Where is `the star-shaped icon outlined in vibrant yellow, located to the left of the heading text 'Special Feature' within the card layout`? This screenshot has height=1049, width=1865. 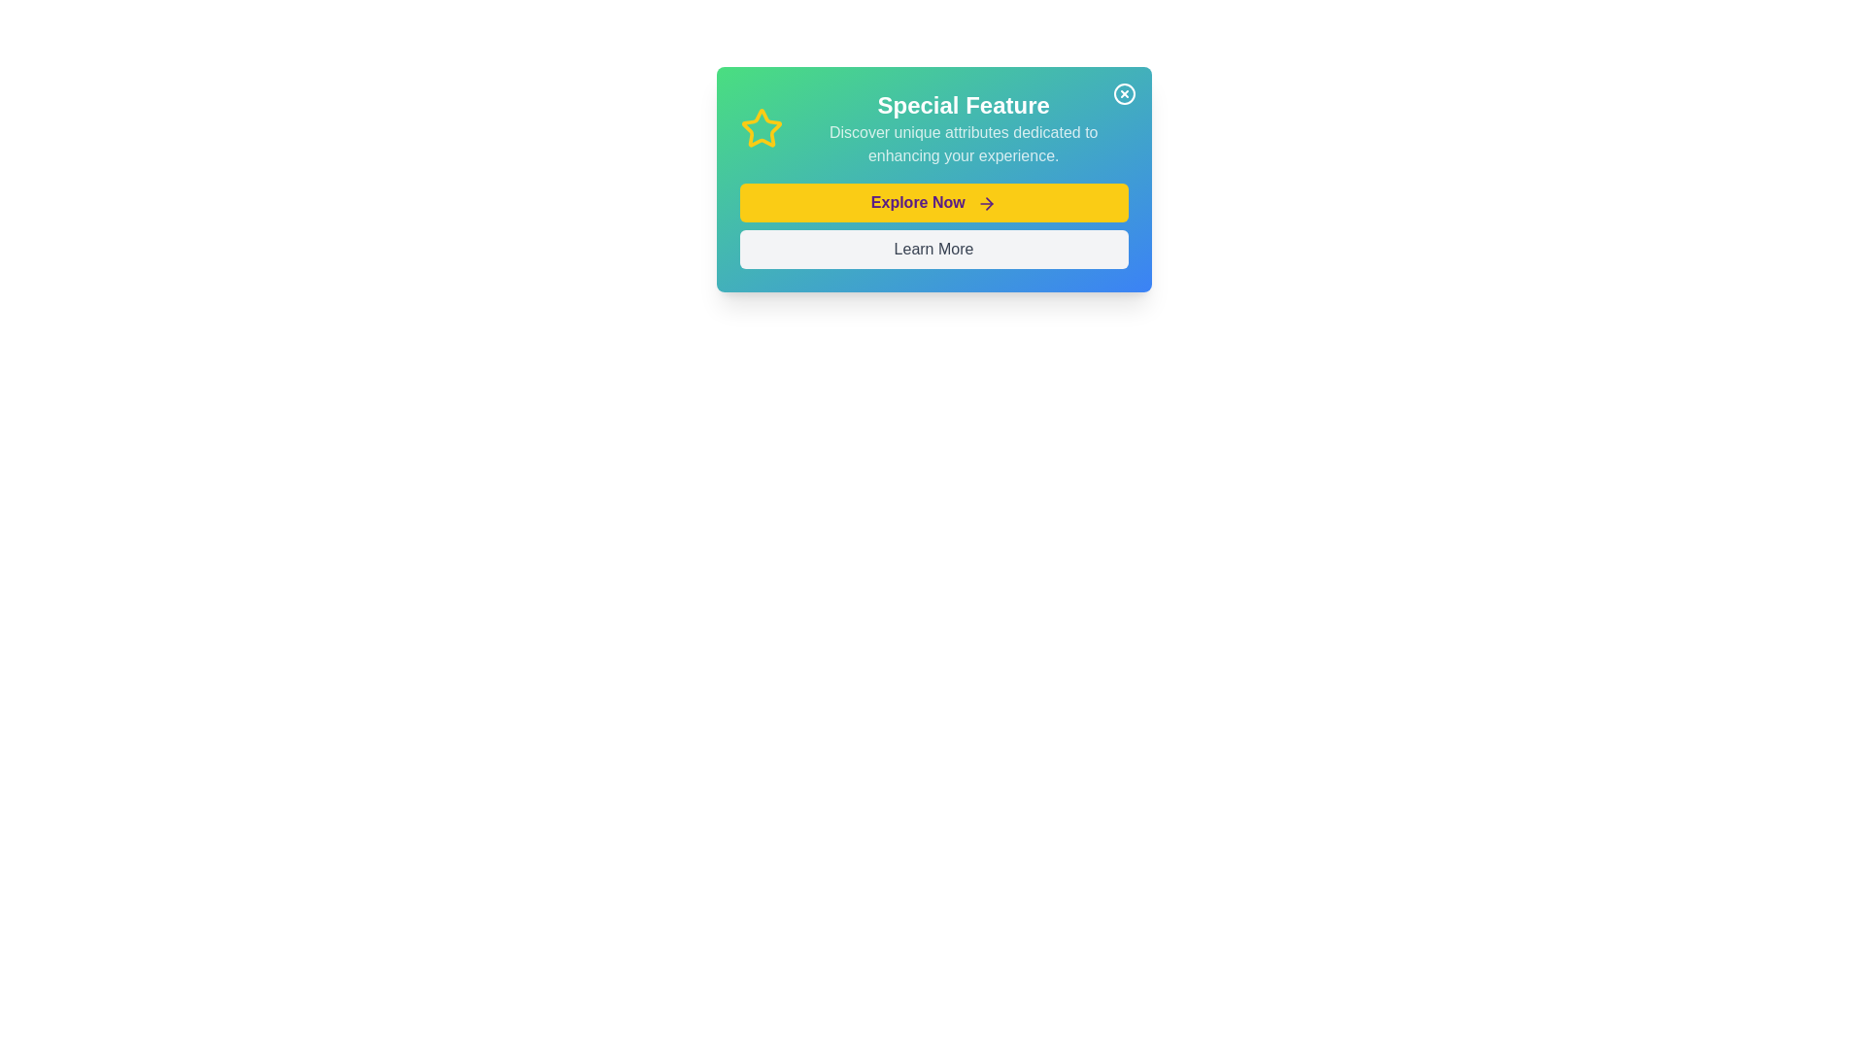
the star-shaped icon outlined in vibrant yellow, located to the left of the heading text 'Special Feature' within the card layout is located at coordinates (761, 128).